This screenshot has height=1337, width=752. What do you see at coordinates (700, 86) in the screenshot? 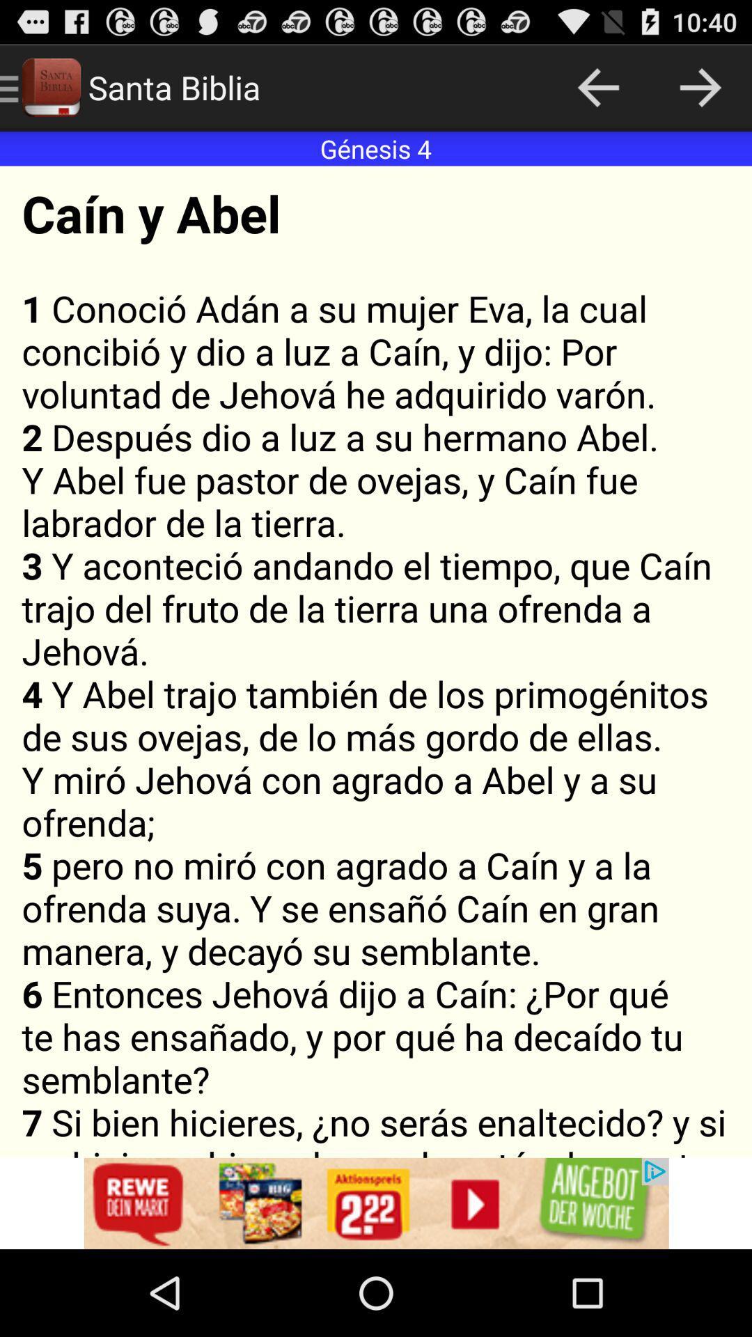
I see `the arrow mark icon shown at the top right corner` at bounding box center [700, 86].